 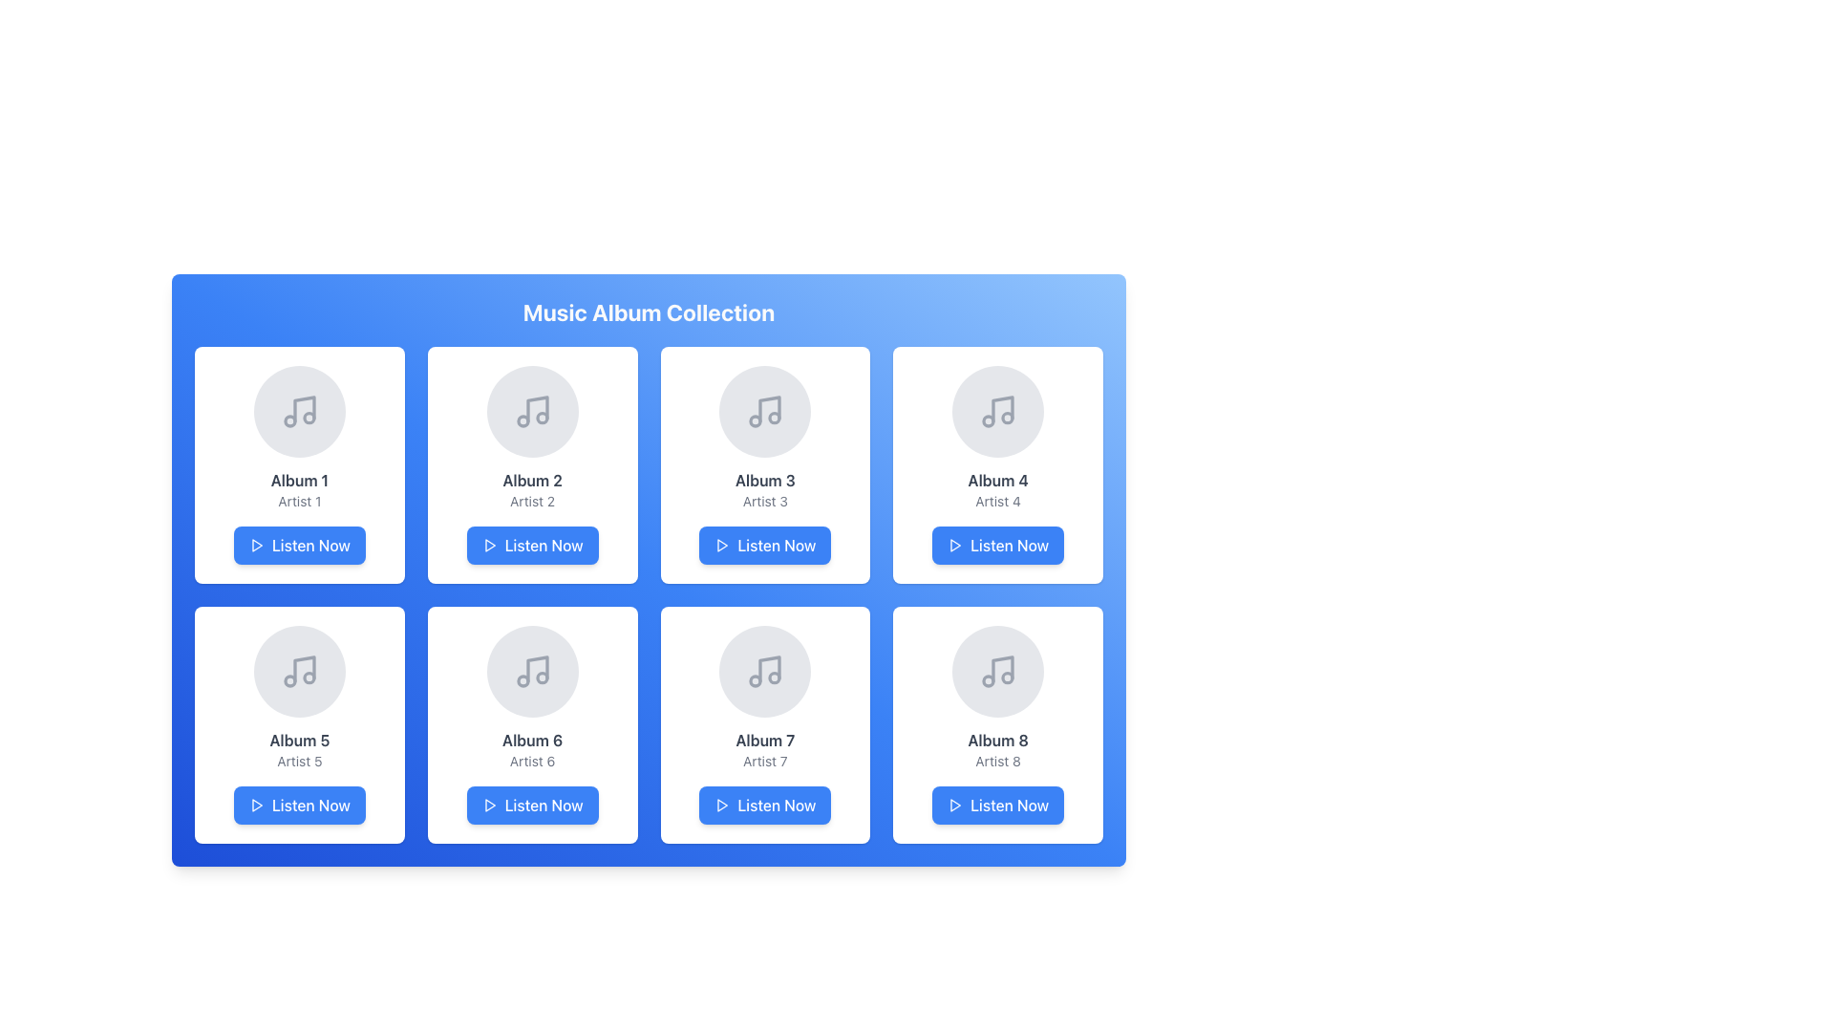 I want to click on the circular icon with a light gray background featuring a musical note, located in the top-left corner of the album grid, so click(x=298, y=411).